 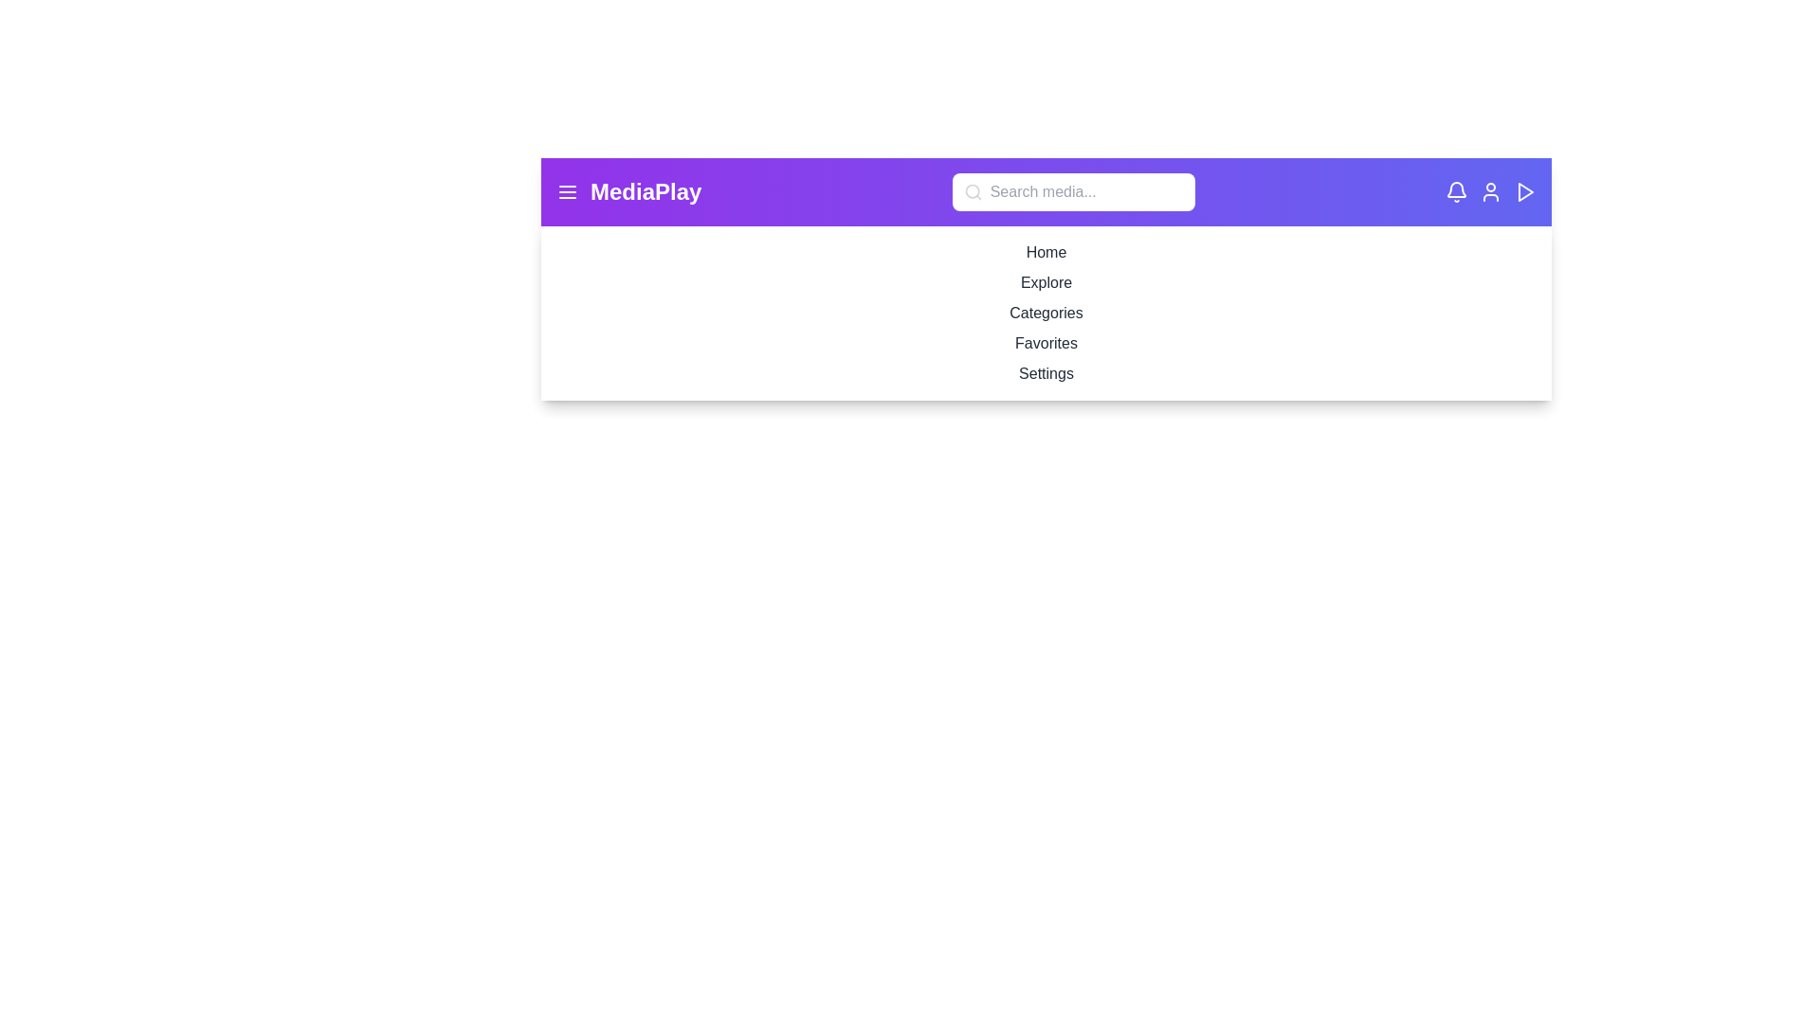 What do you see at coordinates (1455, 192) in the screenshot?
I see `the notification bell icon located on the rightmost side of the top navigation bar to potentially see a tooltip or visual change` at bounding box center [1455, 192].